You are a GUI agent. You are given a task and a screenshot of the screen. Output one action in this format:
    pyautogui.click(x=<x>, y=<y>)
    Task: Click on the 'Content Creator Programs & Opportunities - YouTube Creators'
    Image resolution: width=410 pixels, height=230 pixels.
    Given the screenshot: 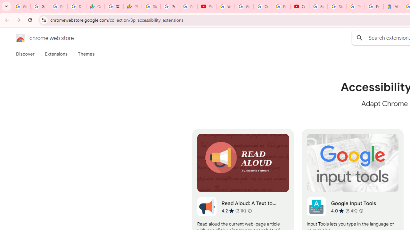 What is the action you would take?
    pyautogui.click(x=299, y=6)
    